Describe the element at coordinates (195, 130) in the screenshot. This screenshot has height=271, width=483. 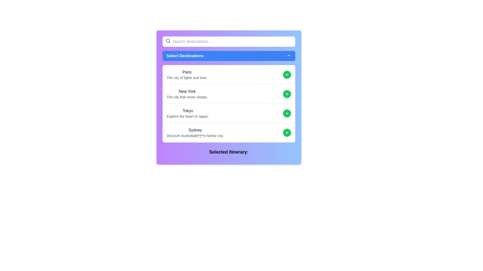
I see `the text label displaying 'Sydney', which is styled in gray color and located above a description text in the 'Select Destinations' card interface` at that location.